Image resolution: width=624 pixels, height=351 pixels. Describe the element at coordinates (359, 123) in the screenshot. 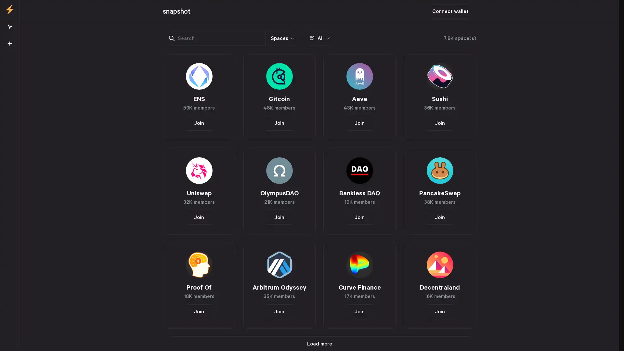

I see `Join` at that location.